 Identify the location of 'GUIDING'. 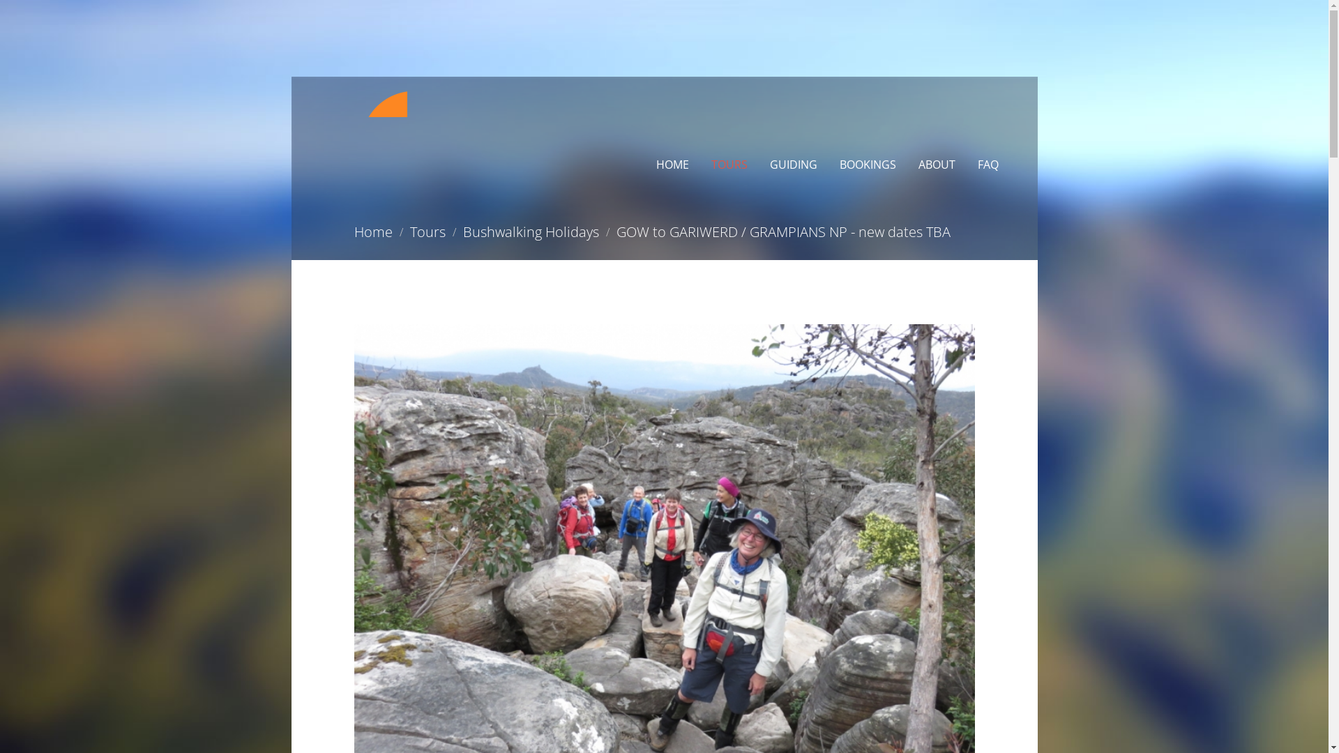
(793, 163).